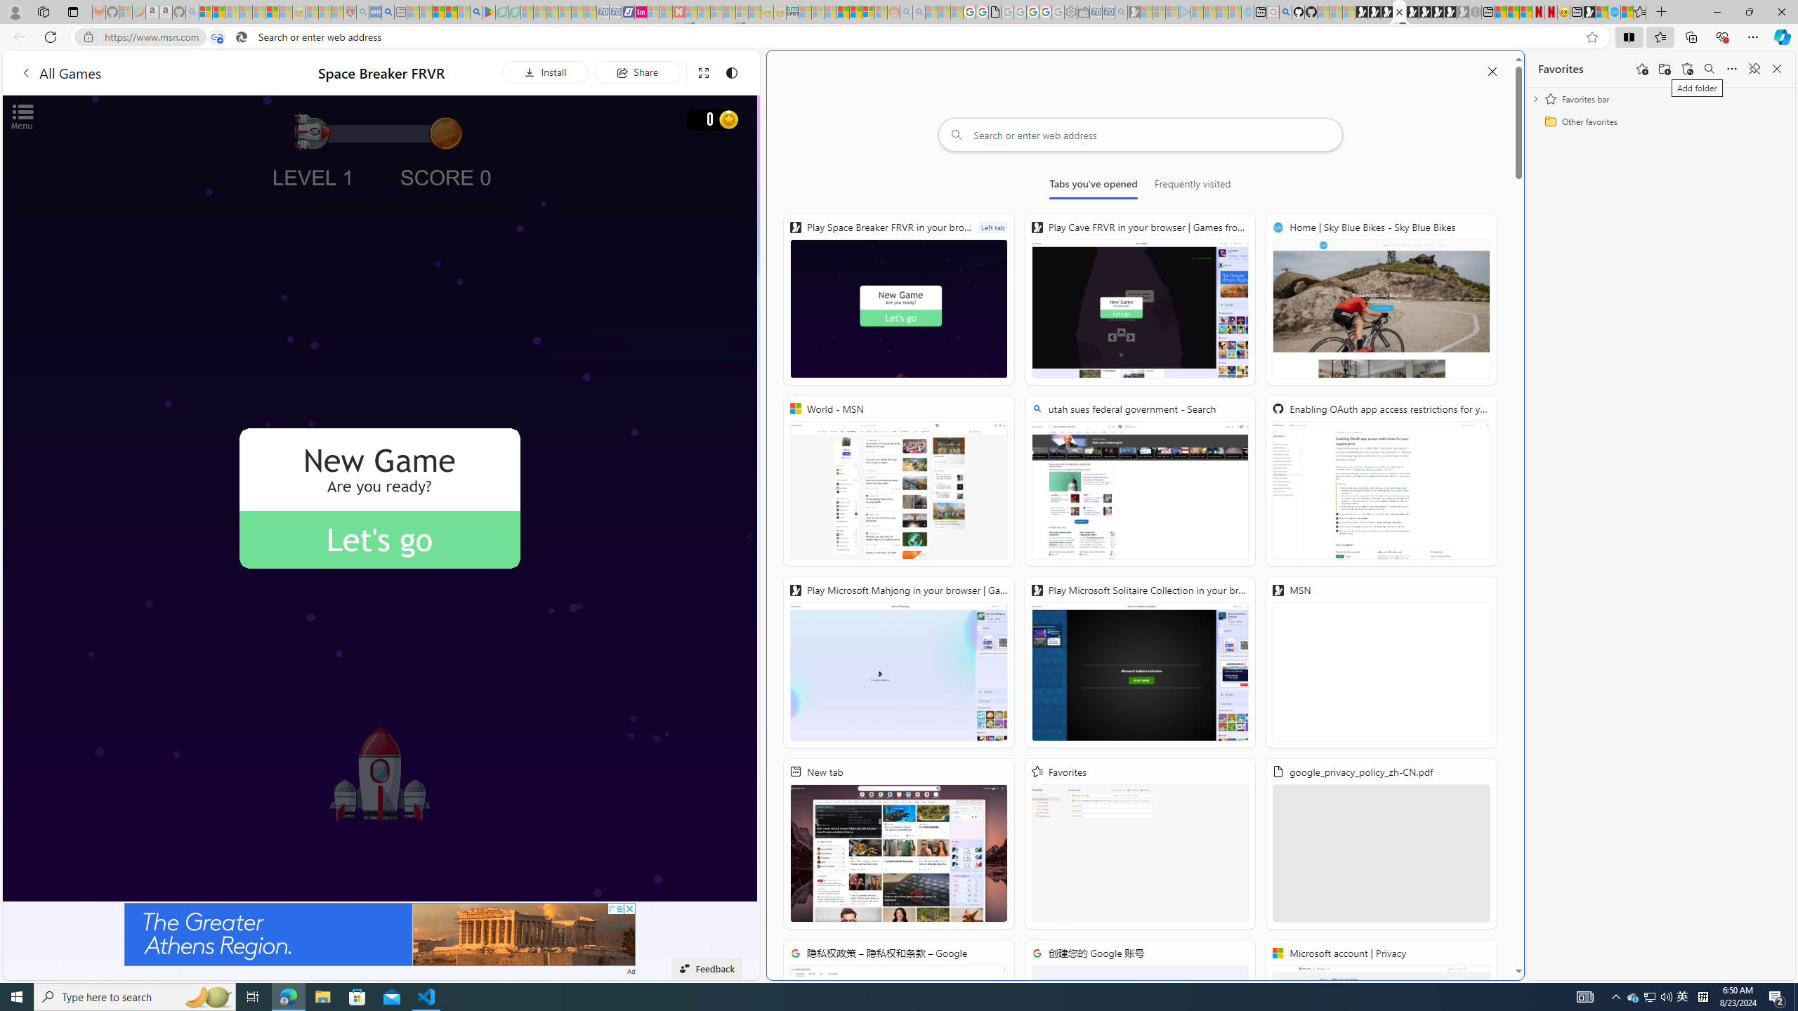 The width and height of the screenshot is (1798, 1011). I want to click on 'Tabs you', so click(1094, 186).